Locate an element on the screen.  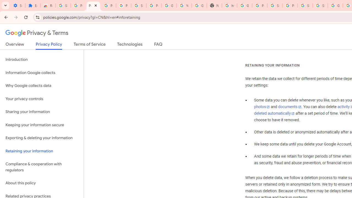
'YouTube' is located at coordinates (184, 5).